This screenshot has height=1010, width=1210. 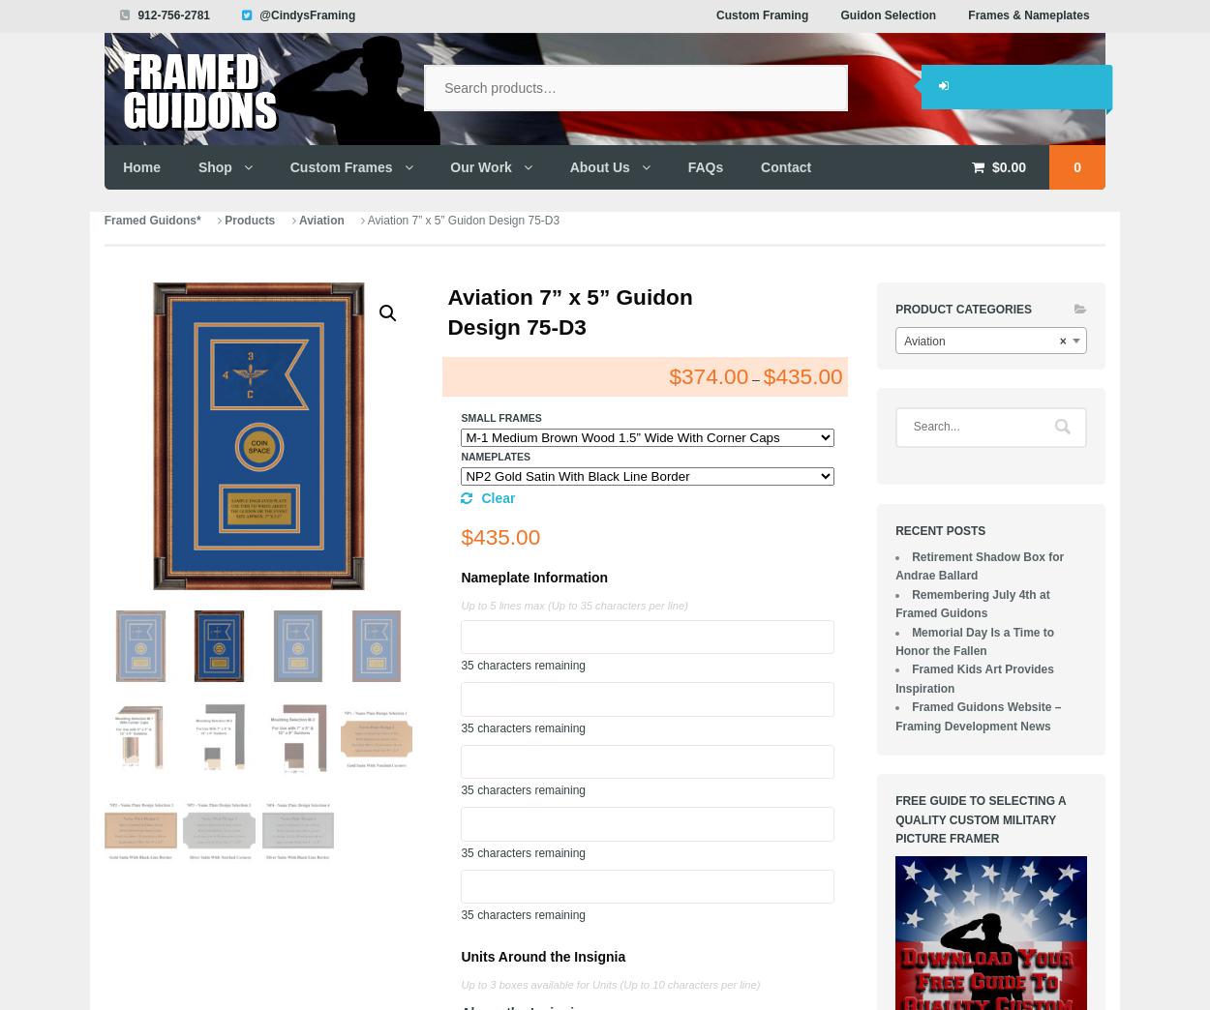 I want to click on 'Free Guide To Selecting A Quality Custom Military Picture Framer', so click(x=981, y=818).